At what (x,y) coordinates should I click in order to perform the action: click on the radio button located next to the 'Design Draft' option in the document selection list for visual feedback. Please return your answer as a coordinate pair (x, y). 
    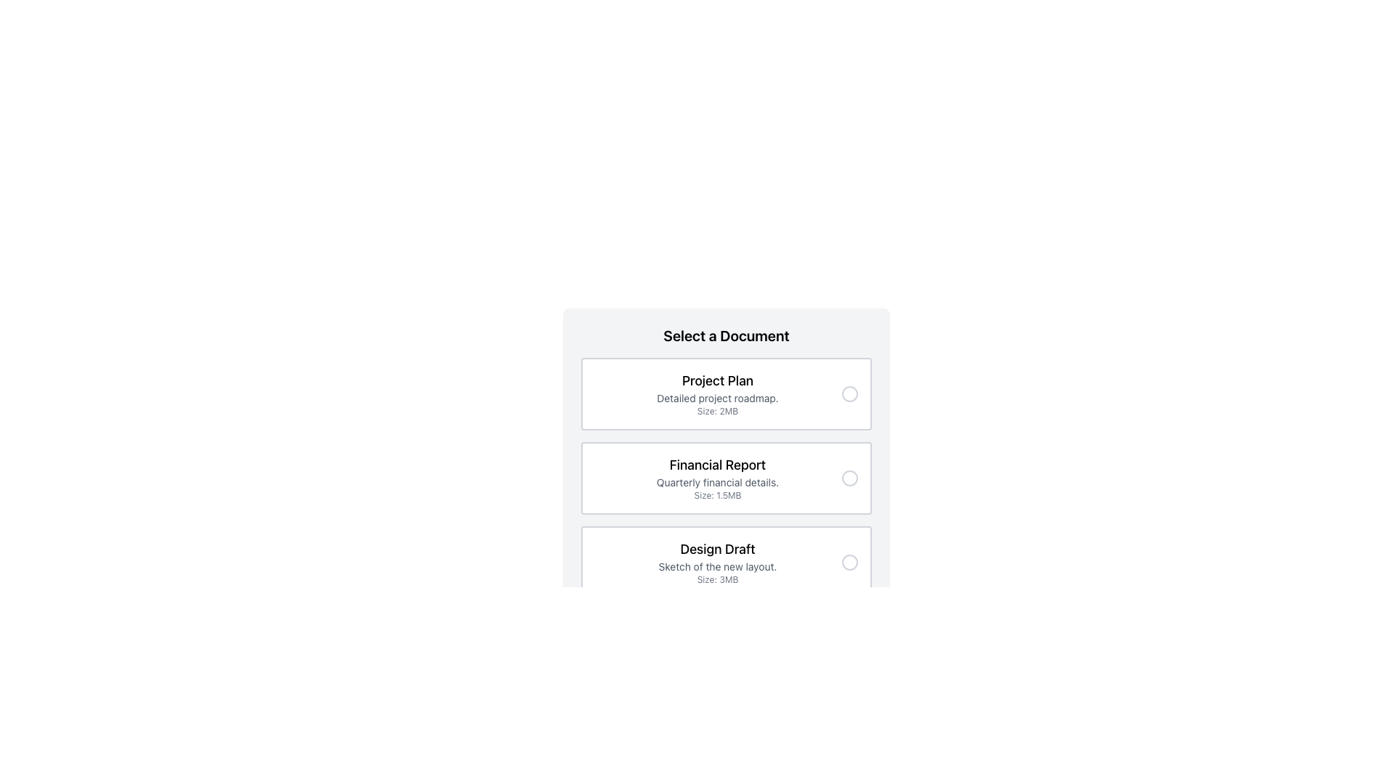
    Looking at the image, I should click on (850, 562).